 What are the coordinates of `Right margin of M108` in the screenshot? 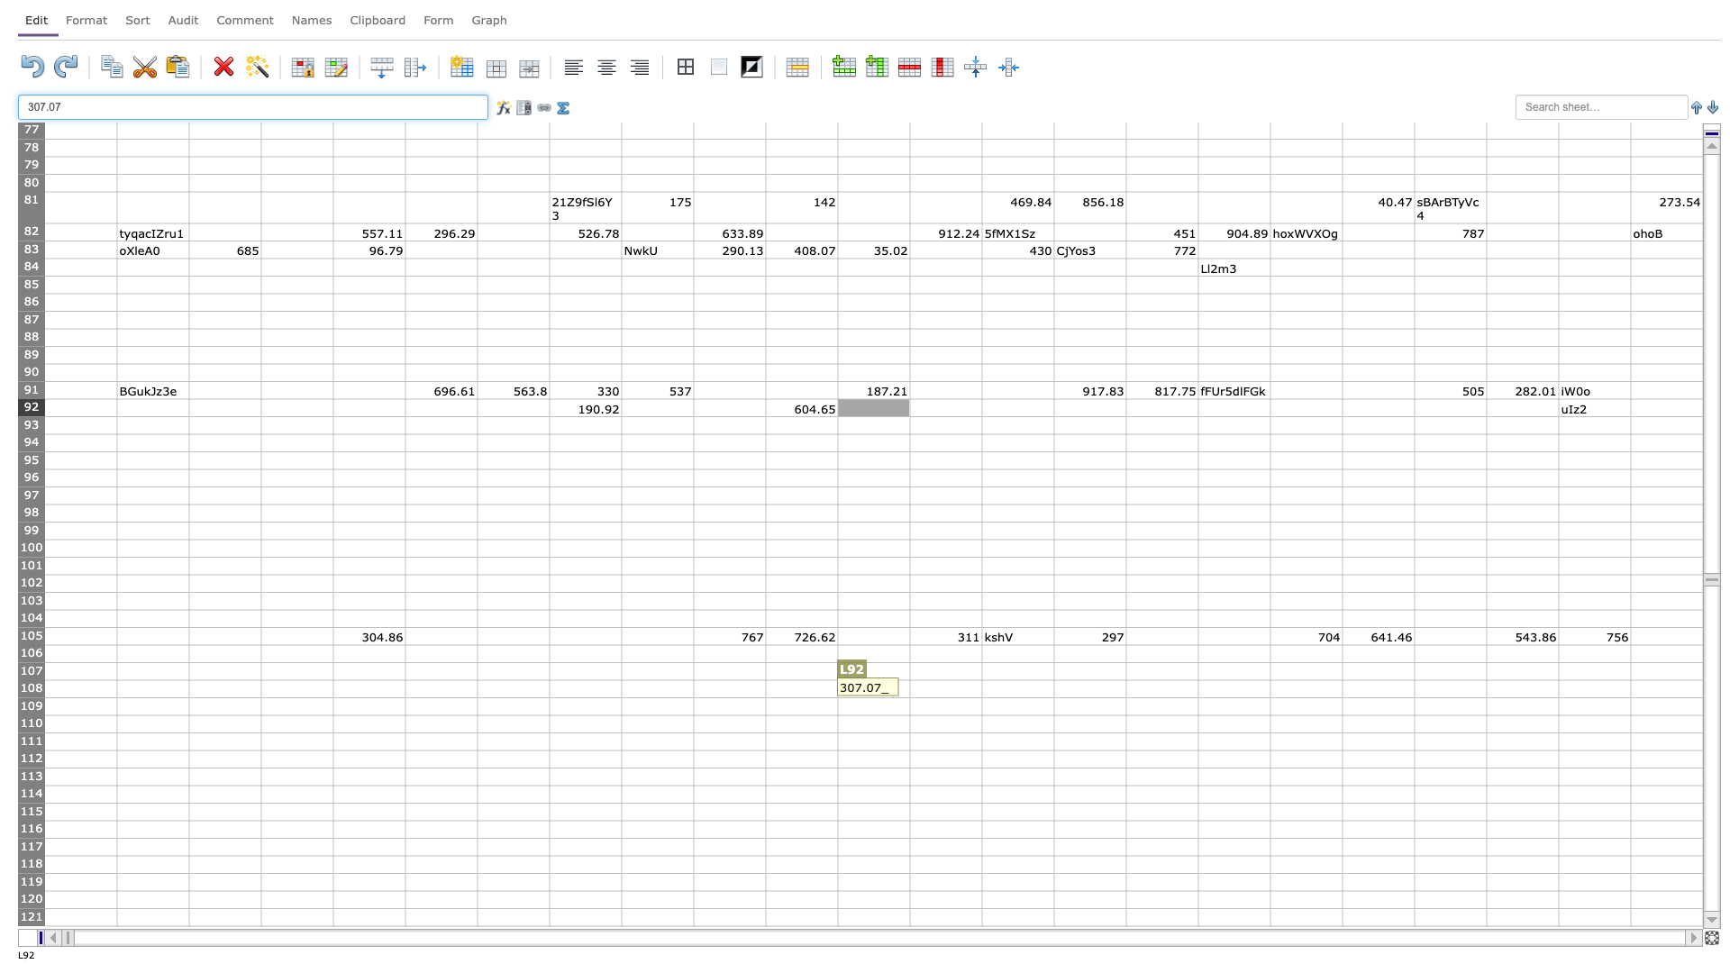 It's located at (980, 688).